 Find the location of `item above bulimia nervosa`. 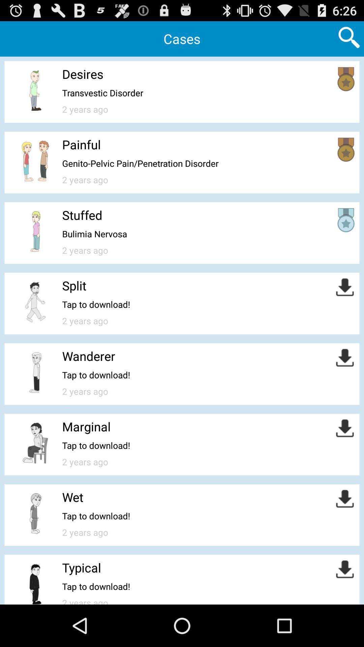

item above bulimia nervosa is located at coordinates (82, 215).